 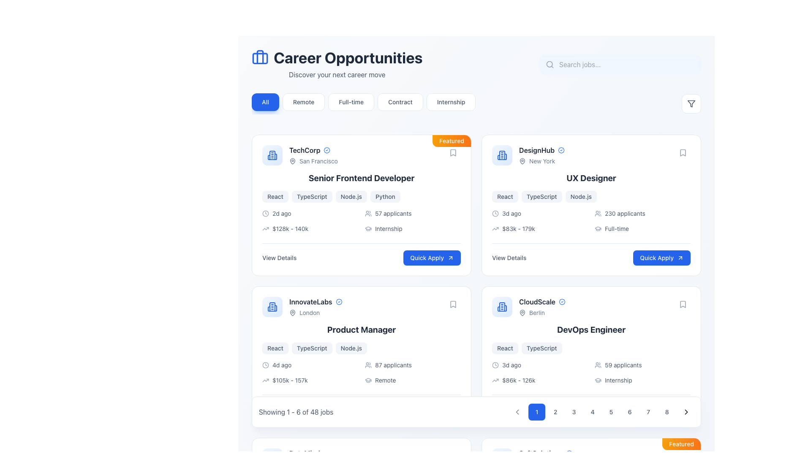 What do you see at coordinates (453, 304) in the screenshot?
I see `the bookmark icon located in the top-right corner of the 'InnovateLabs' job listing card` at bounding box center [453, 304].